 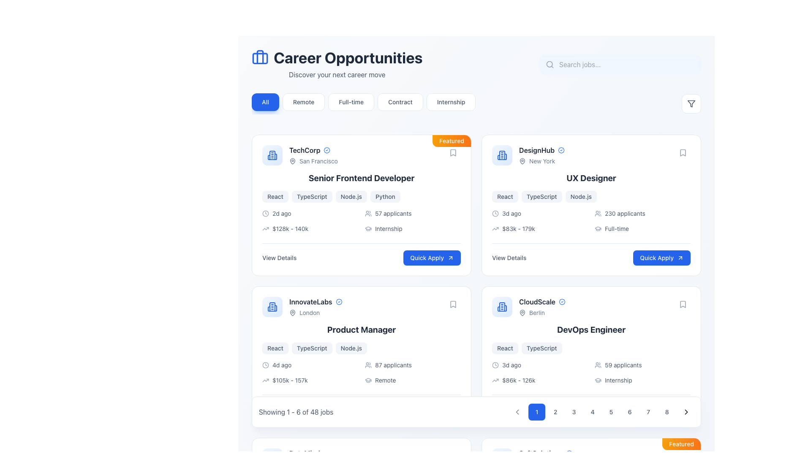 What do you see at coordinates (453, 304) in the screenshot?
I see `the bookmark icon located in the top-right corner of the 'InnovateLabs' job listing card` at bounding box center [453, 304].